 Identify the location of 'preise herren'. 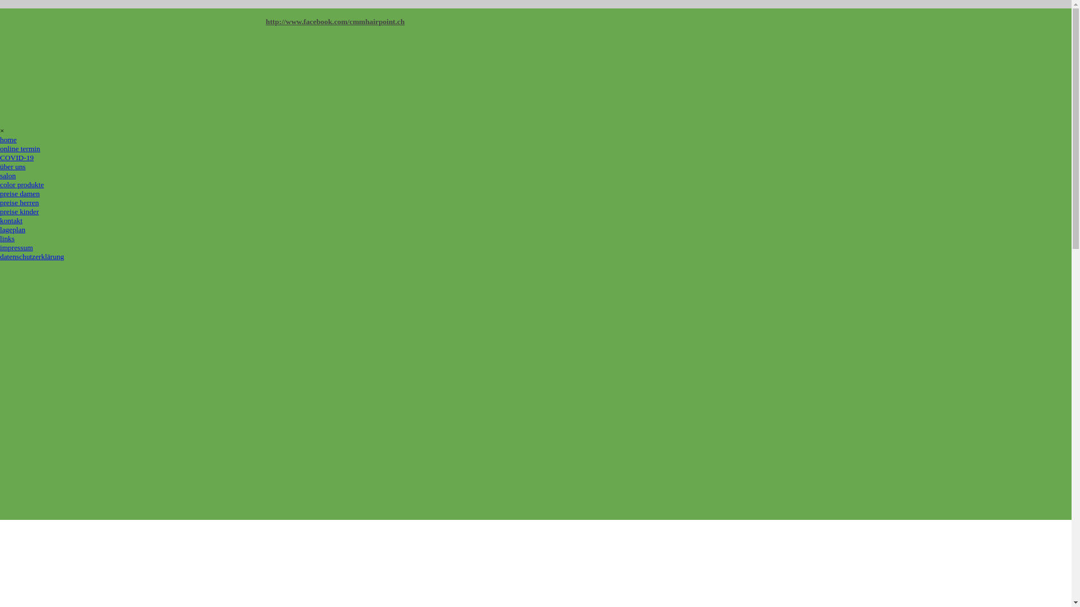
(0, 202).